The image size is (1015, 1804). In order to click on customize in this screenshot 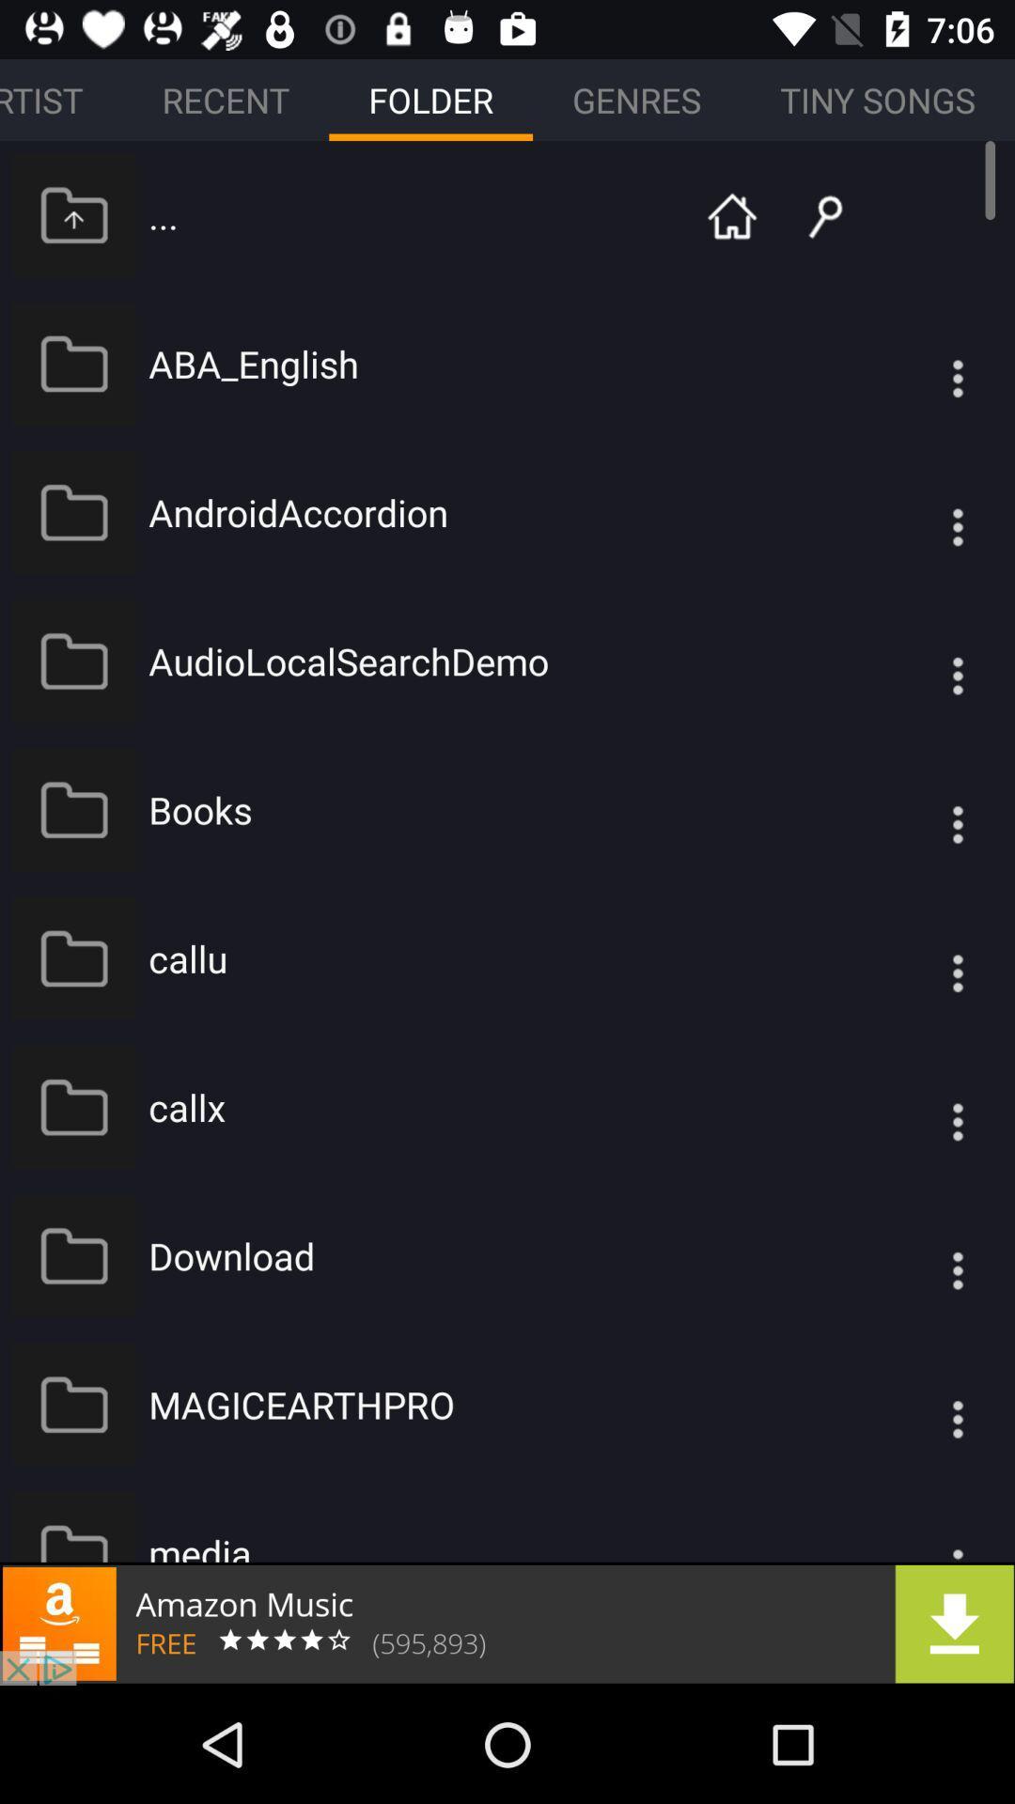, I will do `click(919, 364)`.